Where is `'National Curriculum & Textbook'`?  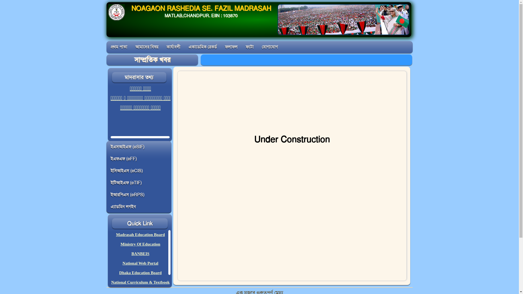 'National Curriculum & Textbook' is located at coordinates (140, 282).